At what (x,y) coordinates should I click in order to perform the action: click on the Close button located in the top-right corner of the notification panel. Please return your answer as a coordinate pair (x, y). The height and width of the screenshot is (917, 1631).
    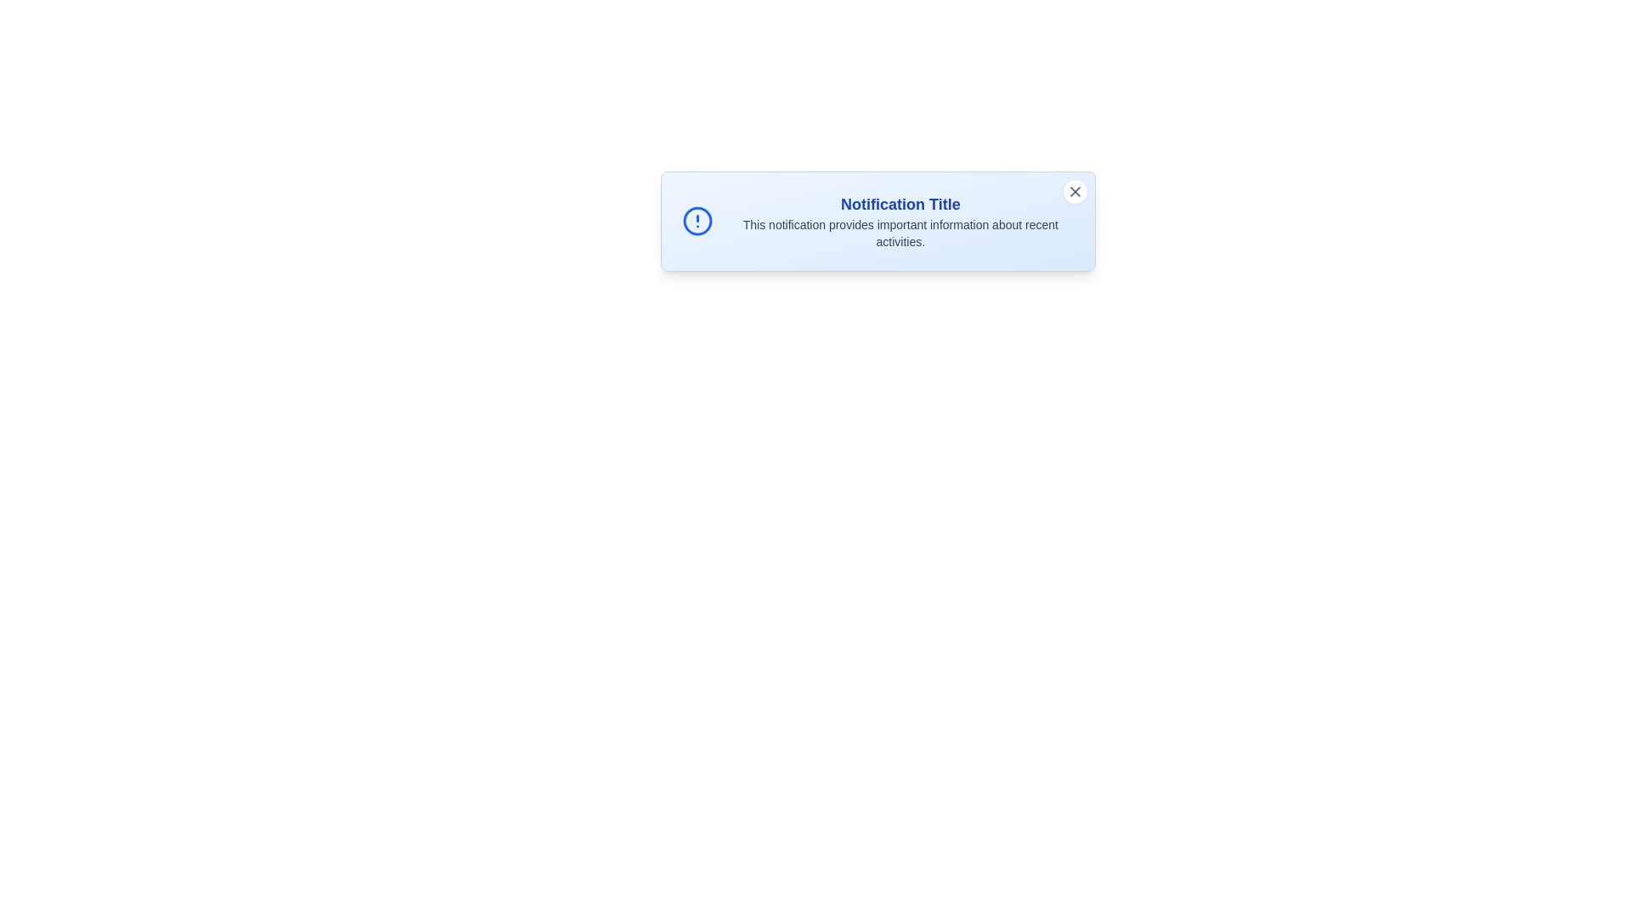
    Looking at the image, I should click on (1074, 191).